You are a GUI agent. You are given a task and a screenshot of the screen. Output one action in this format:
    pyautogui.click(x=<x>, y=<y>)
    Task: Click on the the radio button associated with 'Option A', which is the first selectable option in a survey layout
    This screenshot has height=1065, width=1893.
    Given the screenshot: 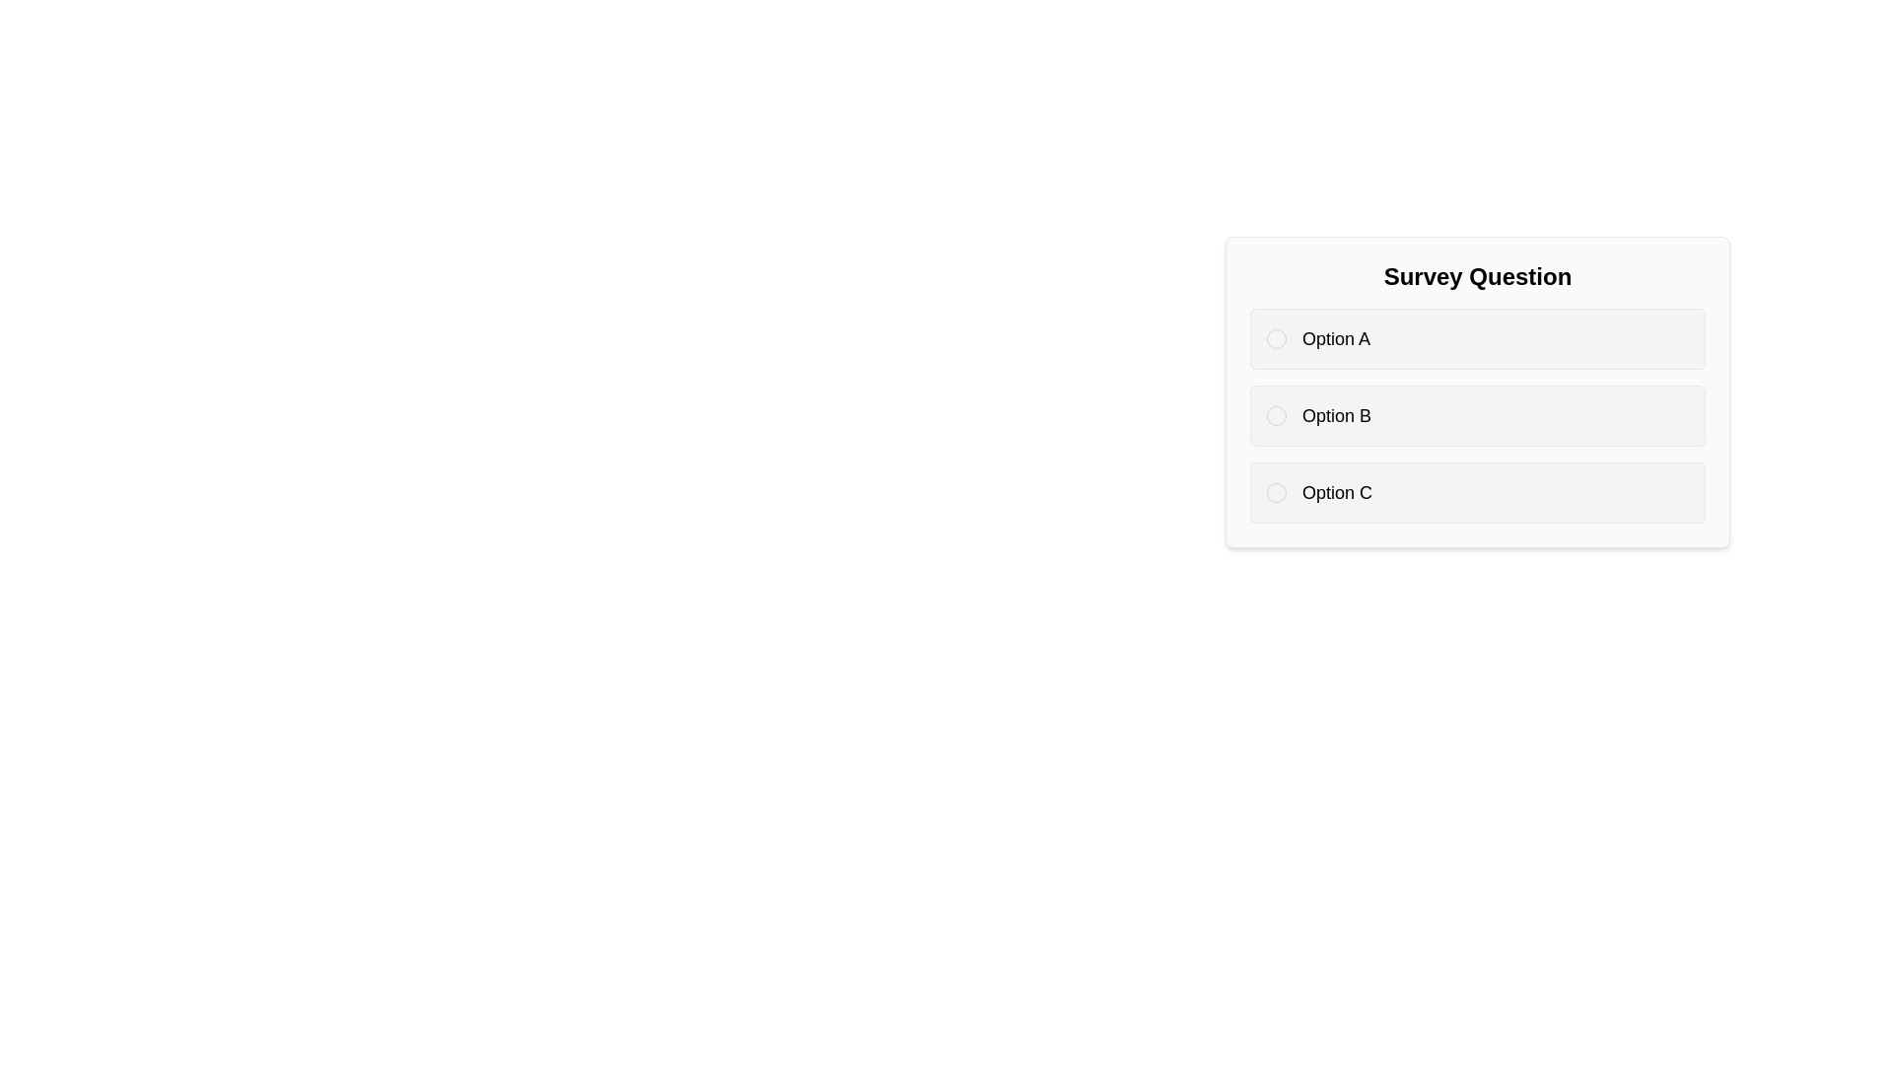 What is the action you would take?
    pyautogui.click(x=1477, y=337)
    